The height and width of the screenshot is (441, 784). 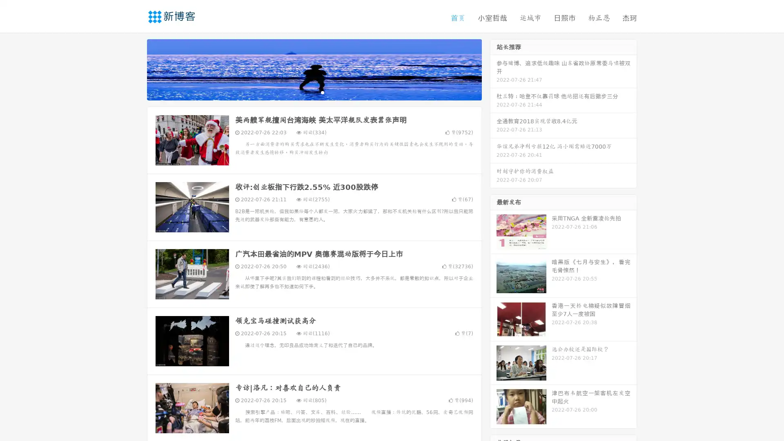 What do you see at coordinates (314, 92) in the screenshot?
I see `Go to slide 2` at bounding box center [314, 92].